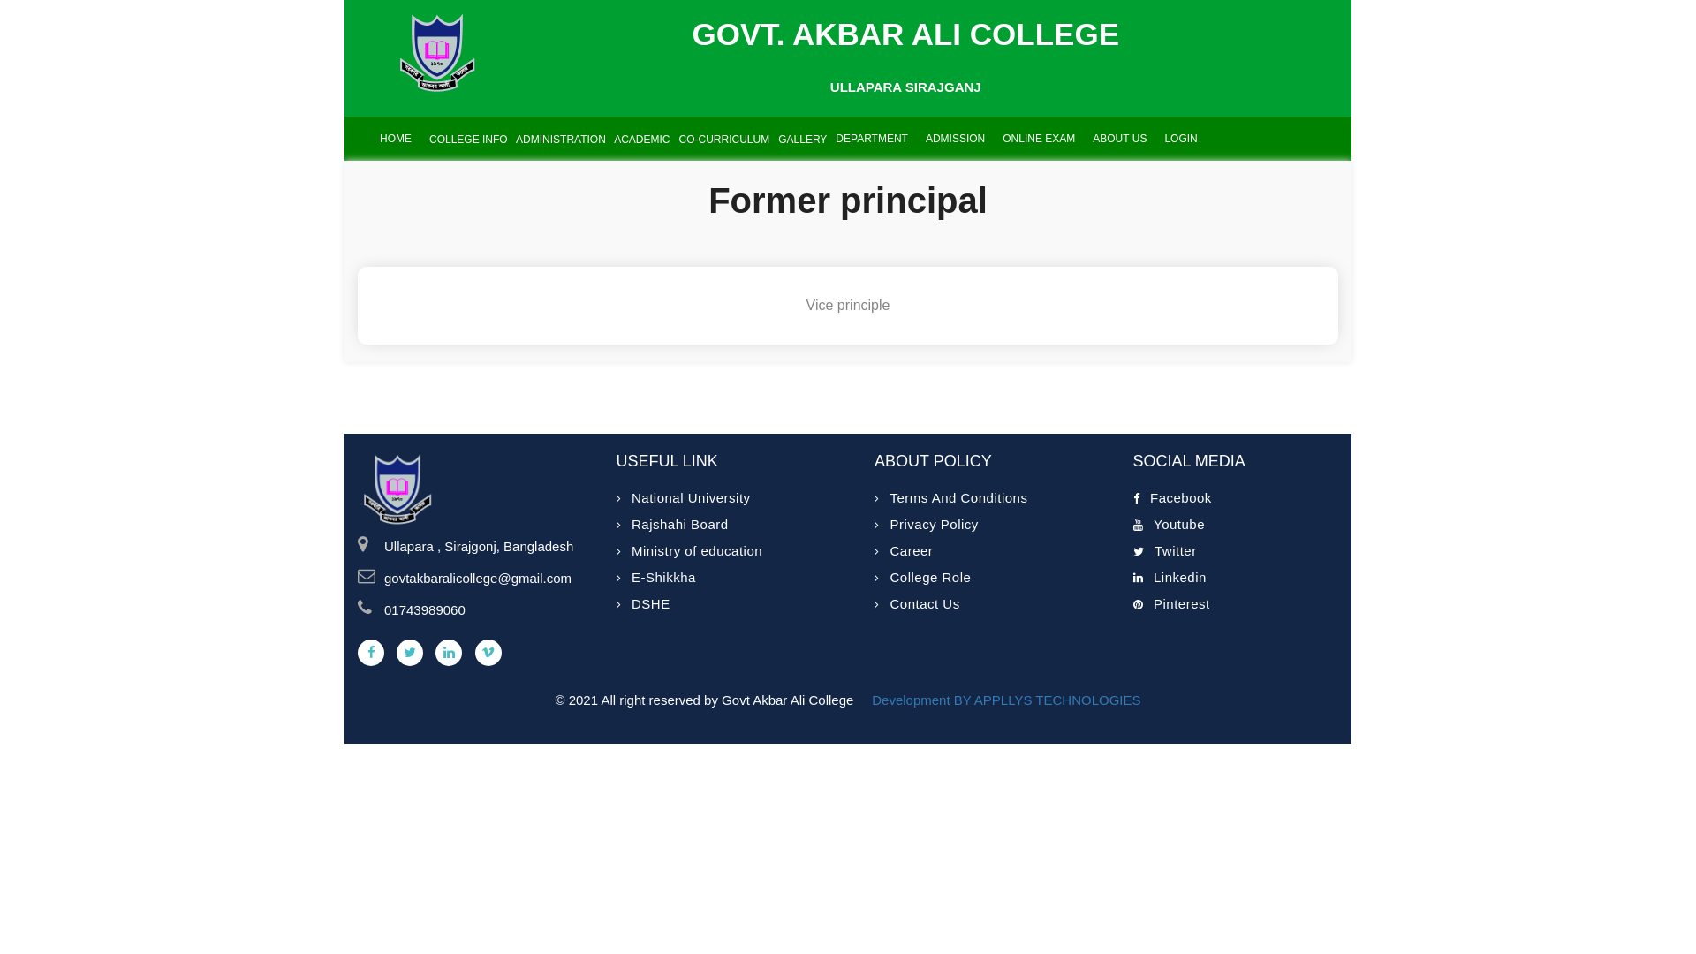 The image size is (1696, 954). What do you see at coordinates (1169, 577) in the screenshot?
I see `'Linkedin'` at bounding box center [1169, 577].